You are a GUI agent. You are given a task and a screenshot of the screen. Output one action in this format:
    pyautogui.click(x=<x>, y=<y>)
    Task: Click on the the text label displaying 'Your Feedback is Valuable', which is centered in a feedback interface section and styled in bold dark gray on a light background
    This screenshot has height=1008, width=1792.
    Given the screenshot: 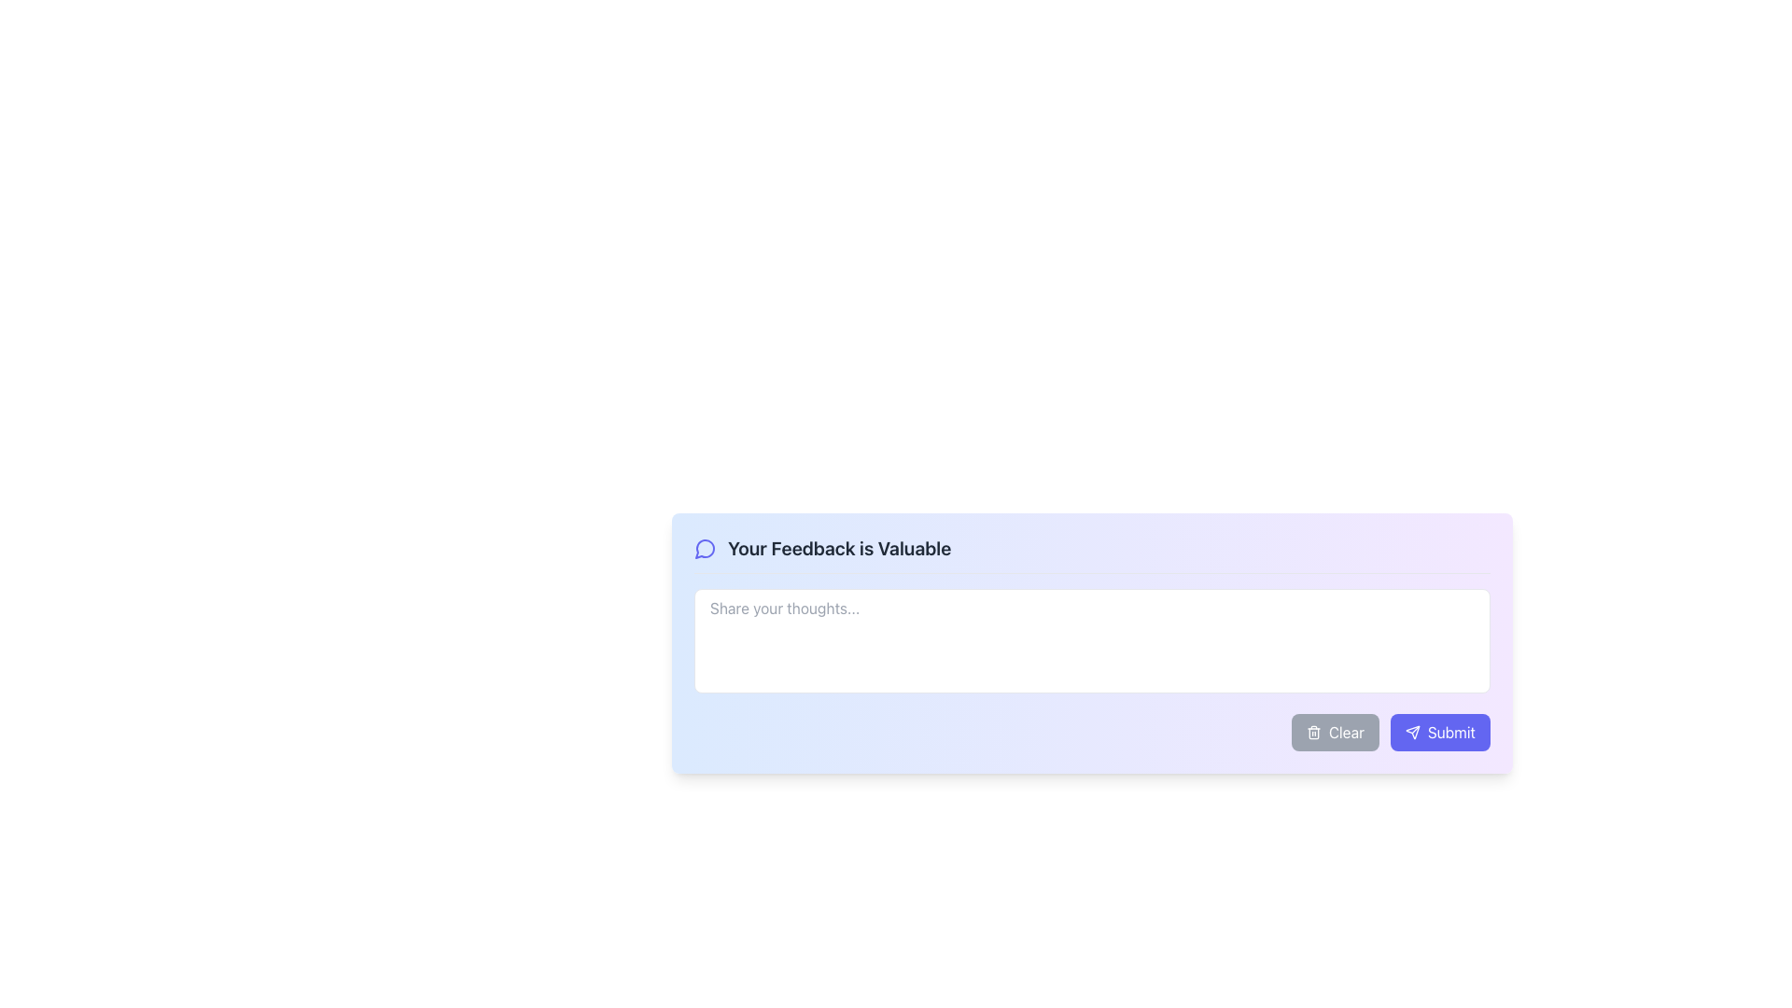 What is the action you would take?
    pyautogui.click(x=838, y=547)
    